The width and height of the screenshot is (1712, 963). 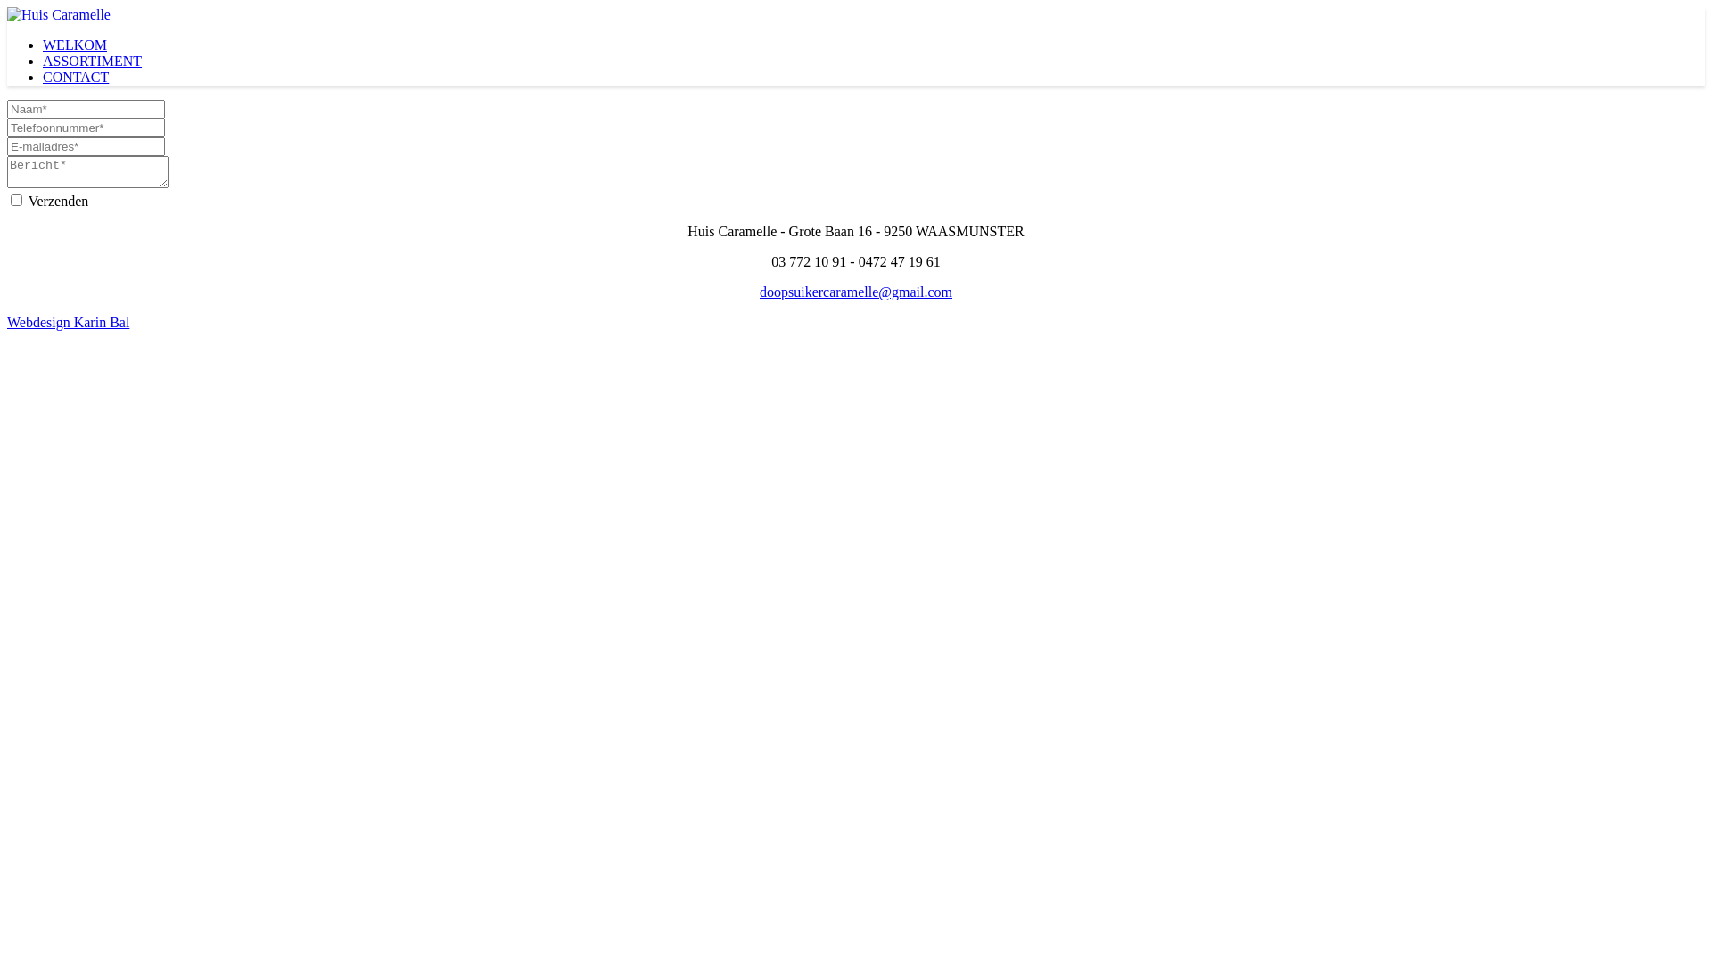 What do you see at coordinates (68, 322) in the screenshot?
I see `'Webdesign Karin Bal'` at bounding box center [68, 322].